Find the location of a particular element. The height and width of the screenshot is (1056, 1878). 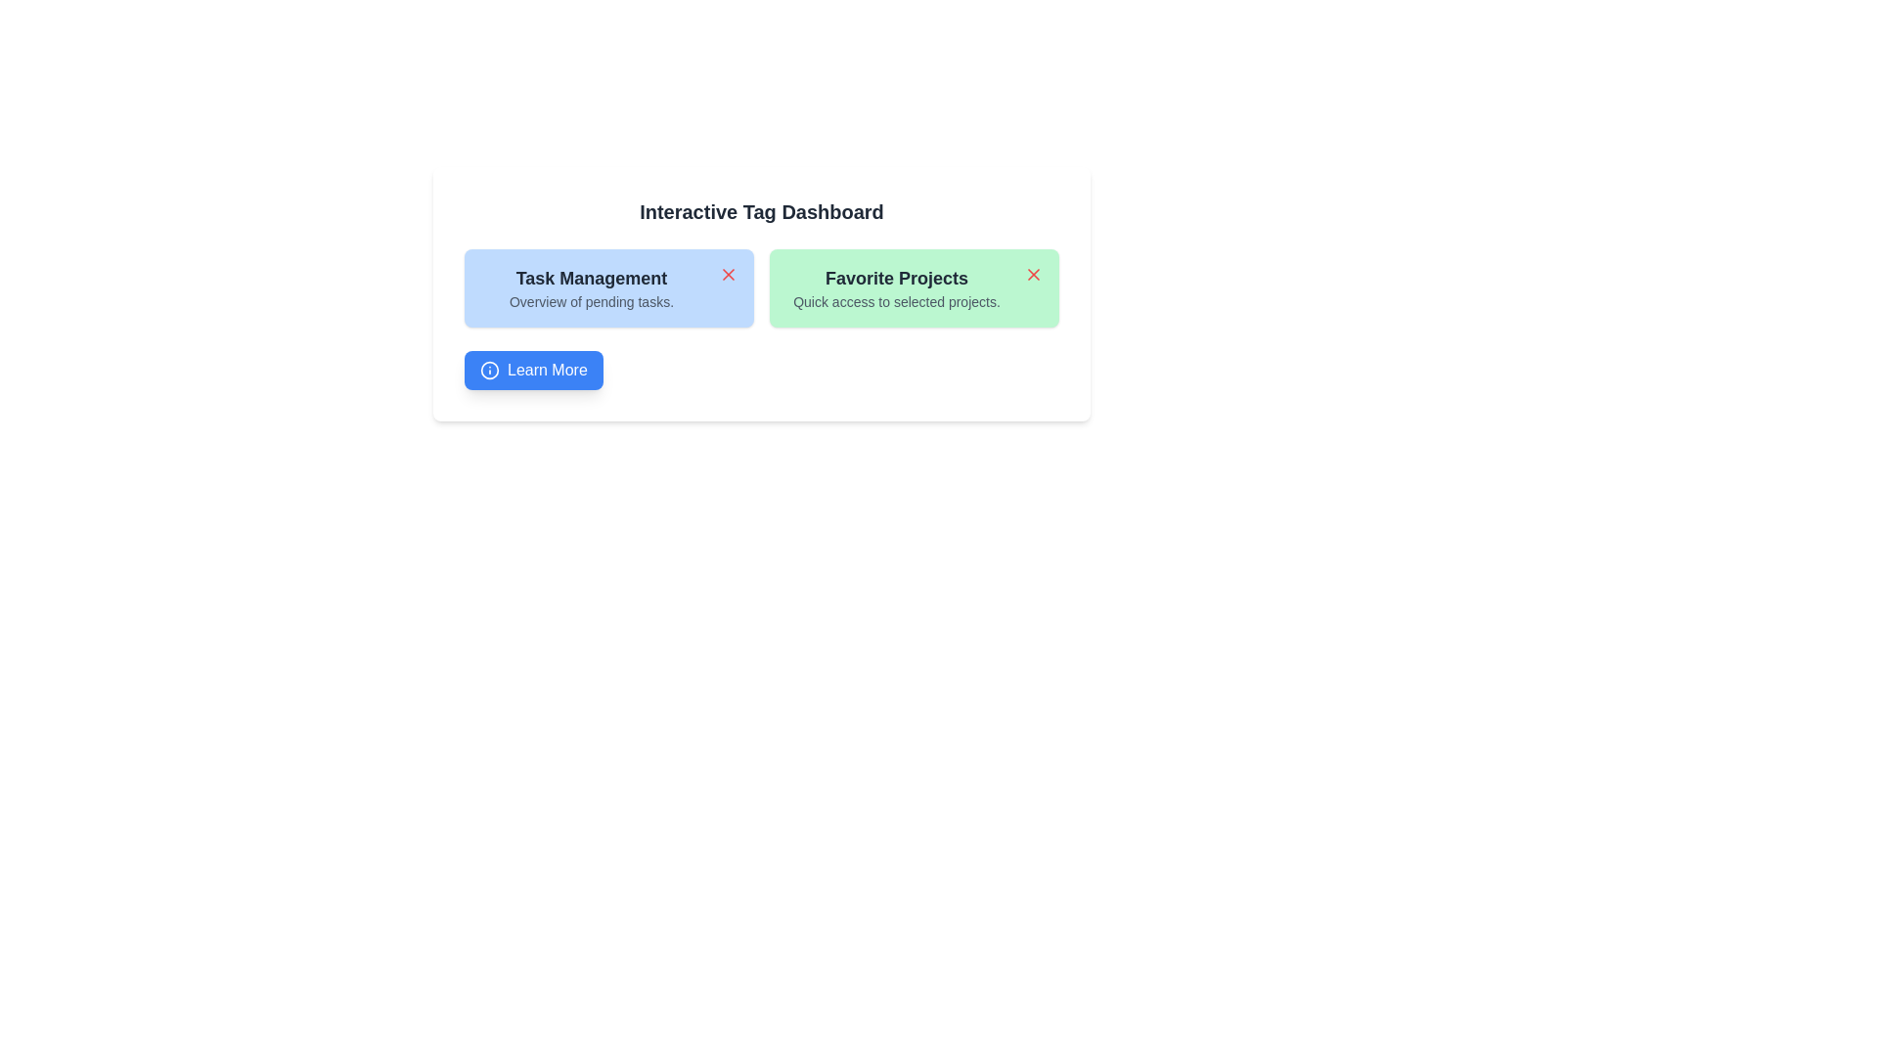

the small red 'X' button located at the top-right corner of the 'Favorite Projects' green card is located at coordinates (1032, 275).